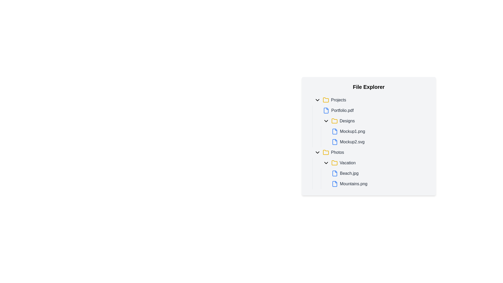 This screenshot has width=503, height=283. Describe the element at coordinates (326, 110) in the screenshot. I see `the PDF file icon associated with 'Portfolio.pdf' in the file explorer list` at that location.